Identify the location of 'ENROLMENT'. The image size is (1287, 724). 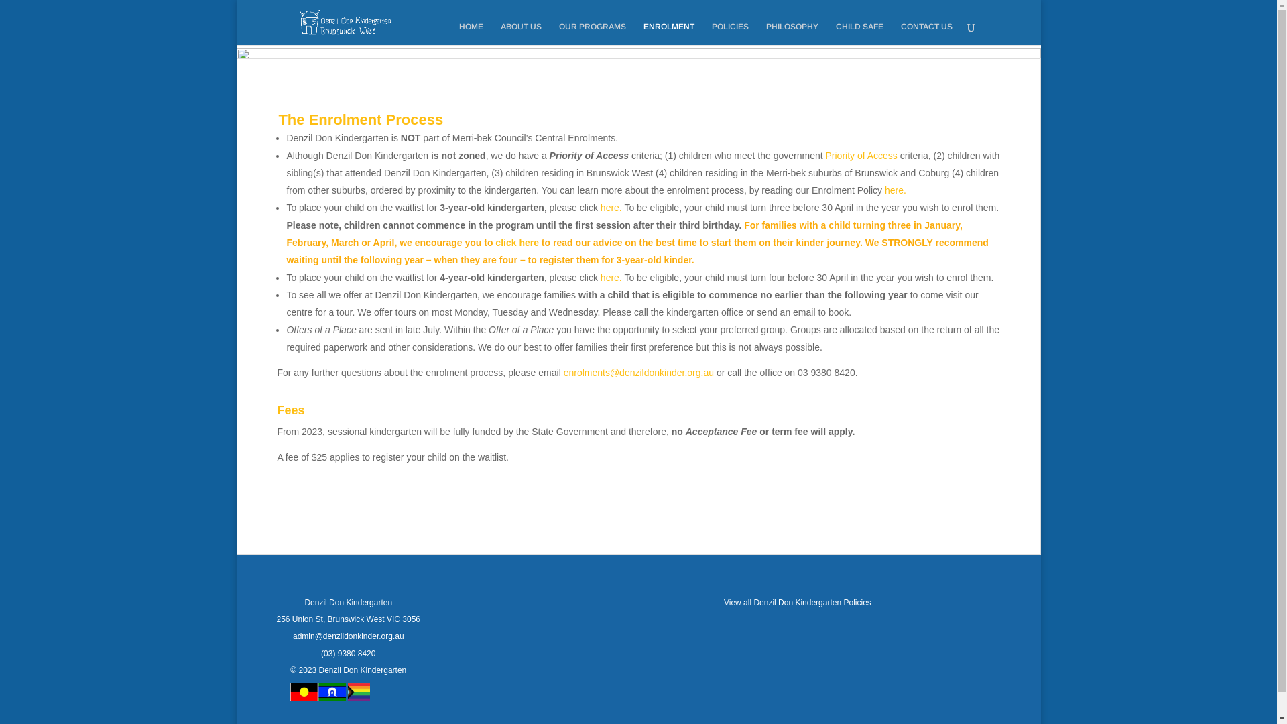
(669, 33).